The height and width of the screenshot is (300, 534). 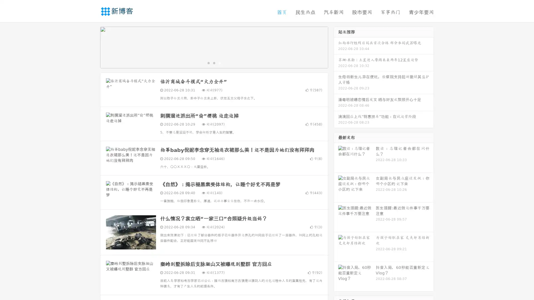 I want to click on Go to slide 3, so click(x=219, y=62).